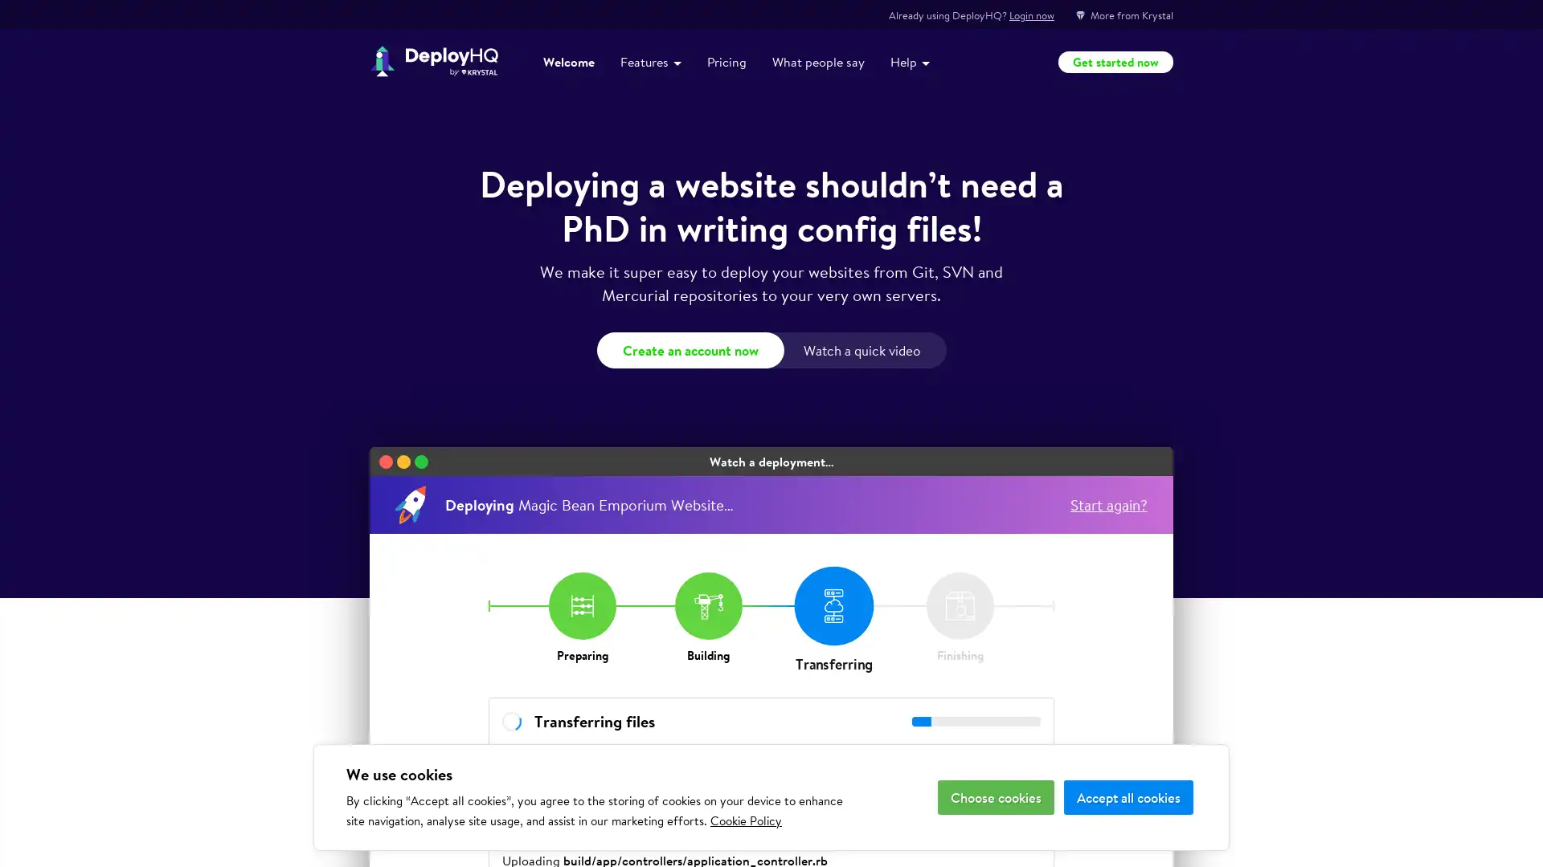 Image resolution: width=1543 pixels, height=867 pixels. Describe the element at coordinates (995, 797) in the screenshot. I see `Choose cookies` at that location.